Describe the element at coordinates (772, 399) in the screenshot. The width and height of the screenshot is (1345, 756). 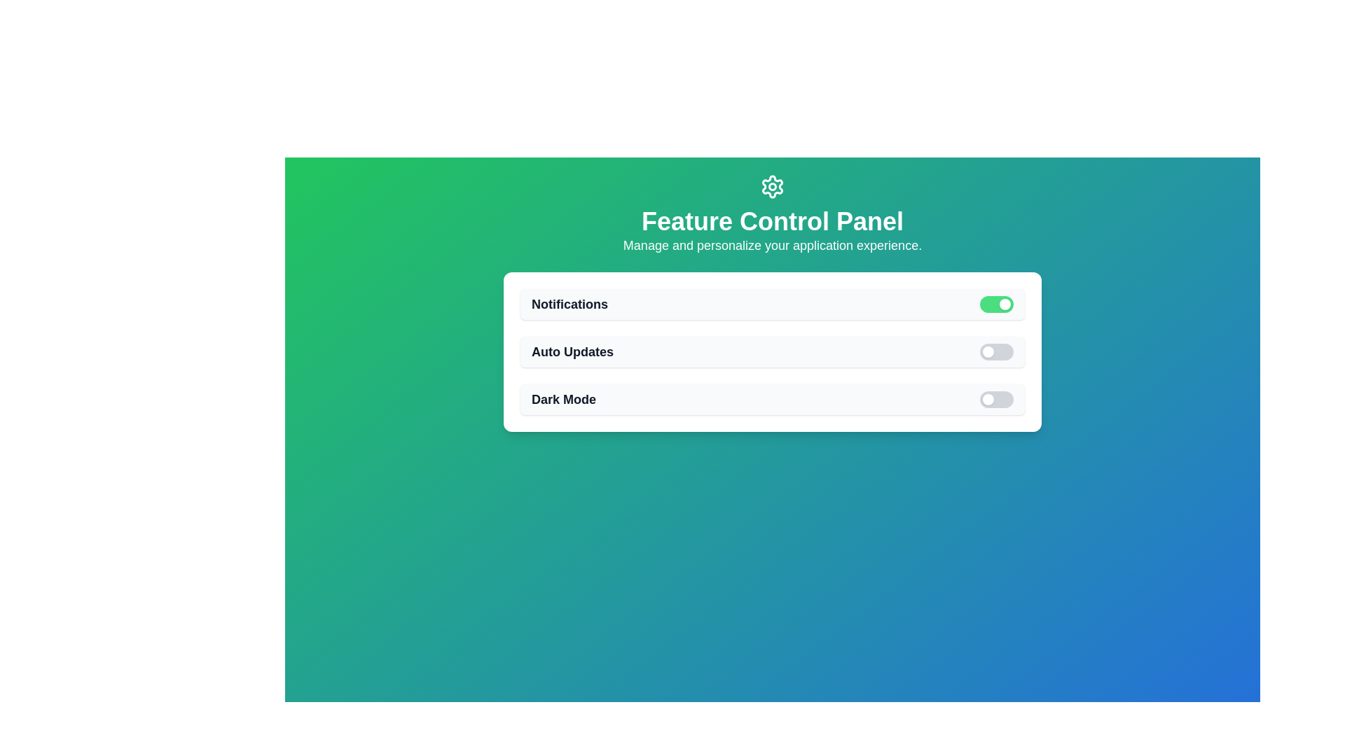
I see `the switch of the 'Dark Mode' toggle control located at the bottom of the group of similar components` at that location.